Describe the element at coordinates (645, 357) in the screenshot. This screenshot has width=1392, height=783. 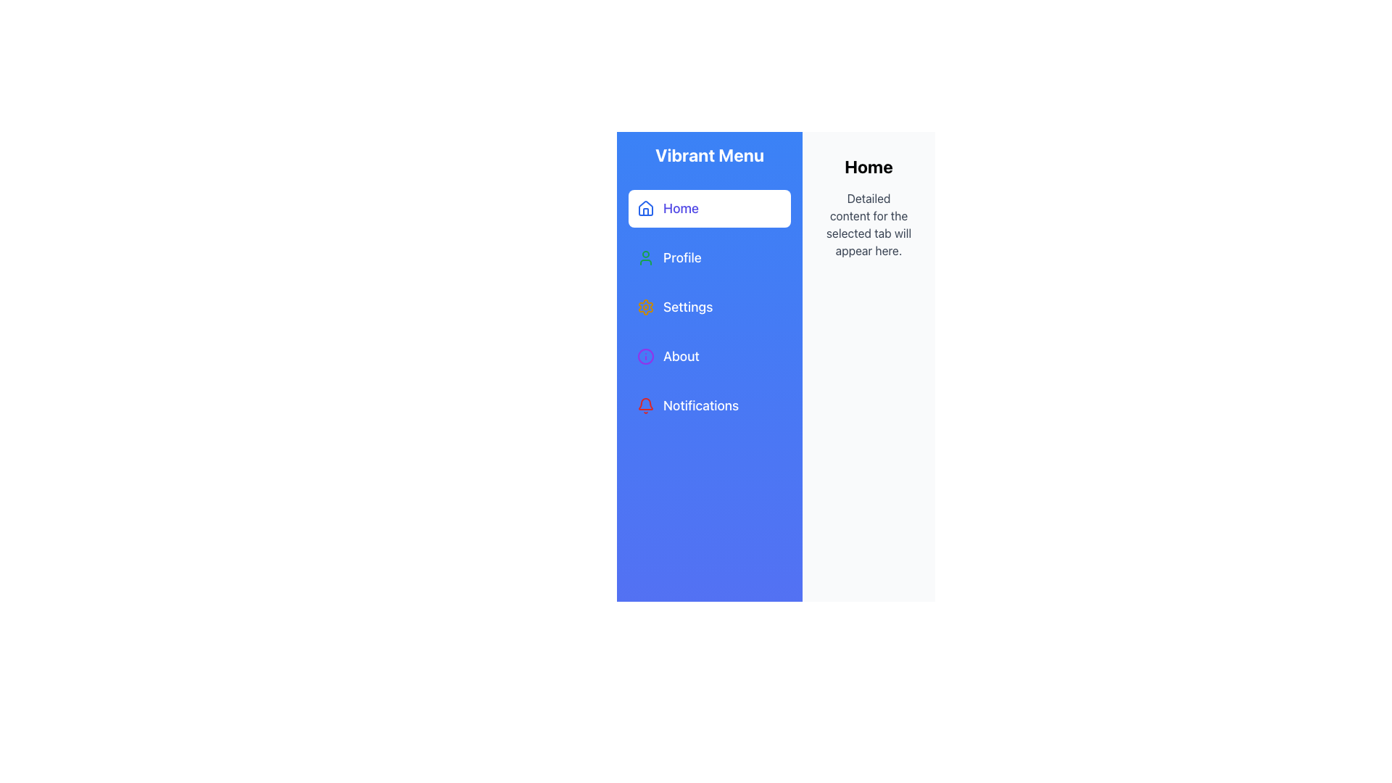
I see `the 'About' menu icon` at that location.